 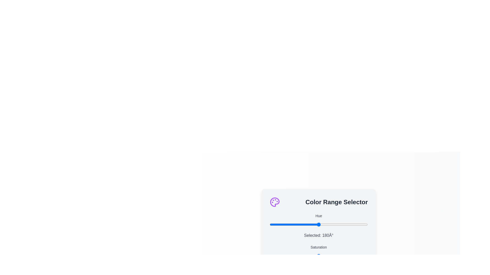 I want to click on the saturation level, so click(x=312, y=256).